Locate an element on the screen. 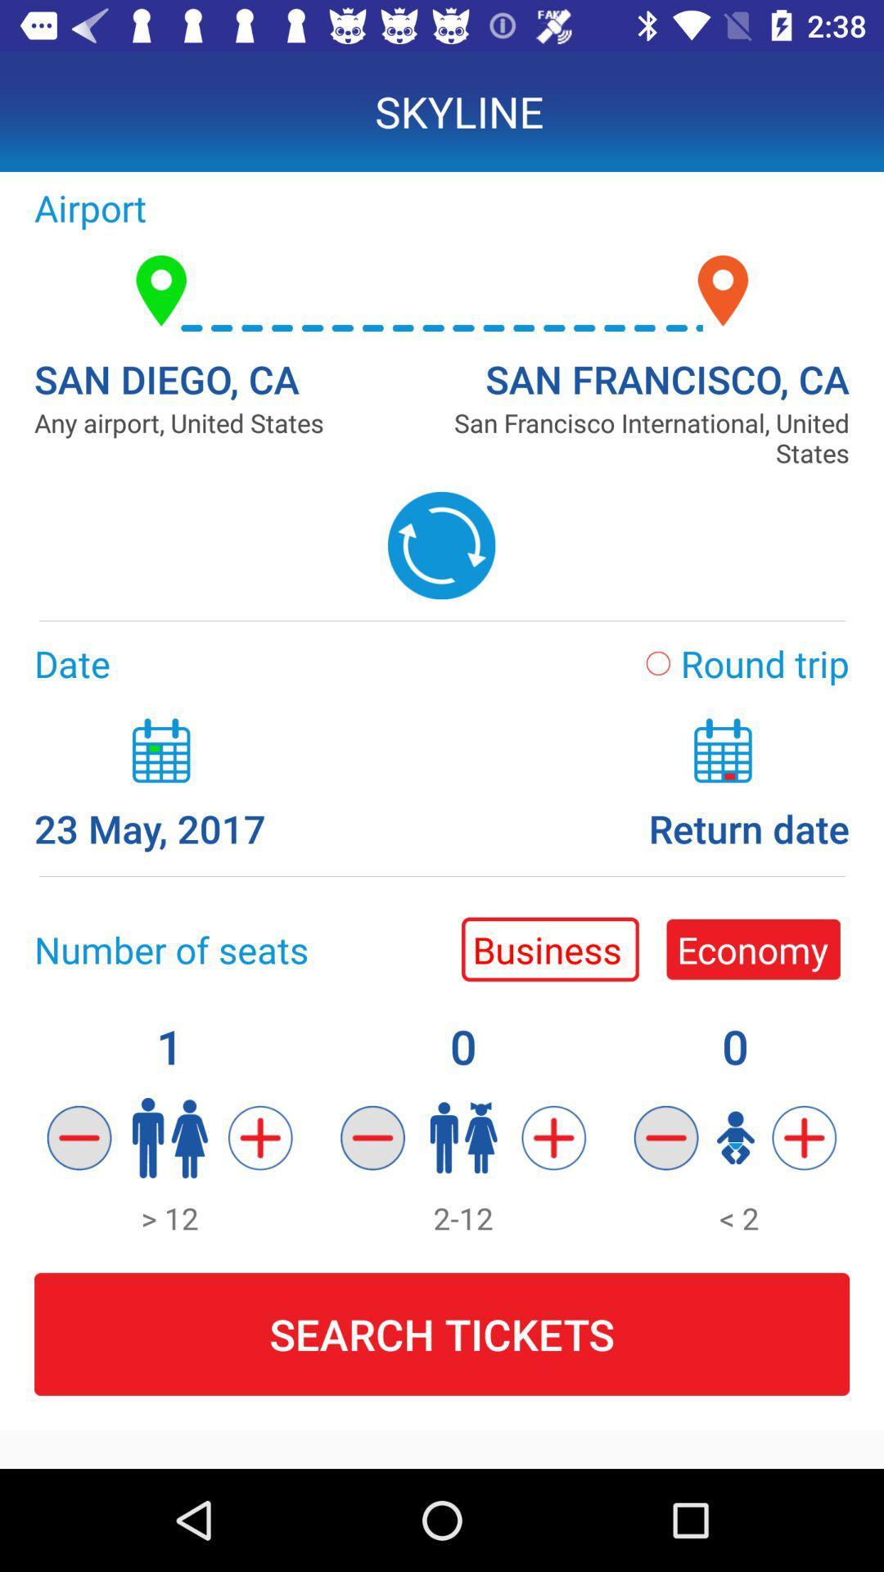  the refresh icon is located at coordinates (440, 545).